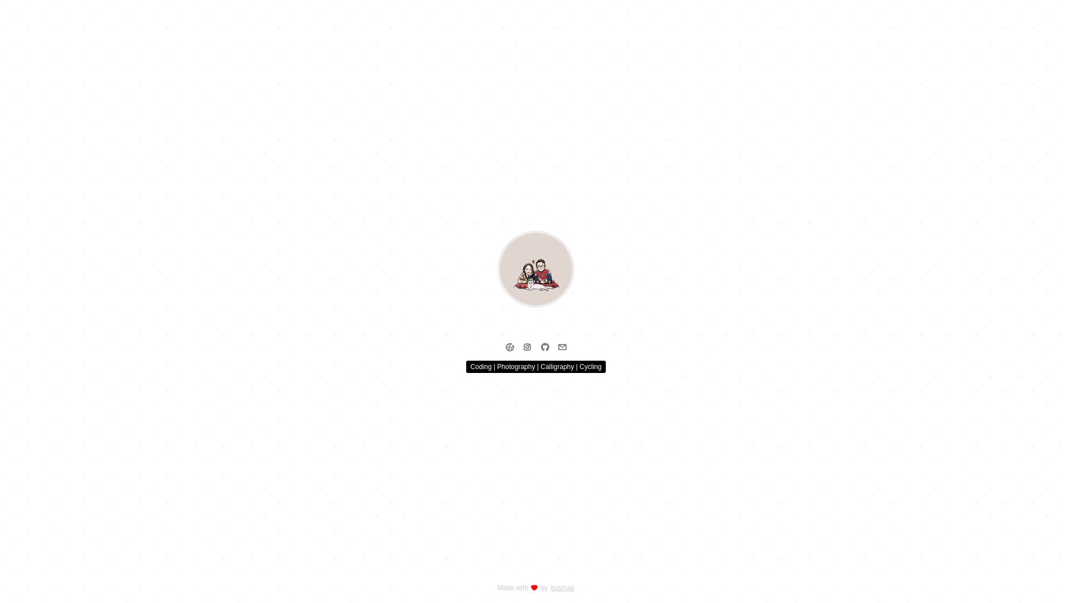 This screenshot has width=1072, height=603. I want to click on 'bushuai', so click(551, 587).